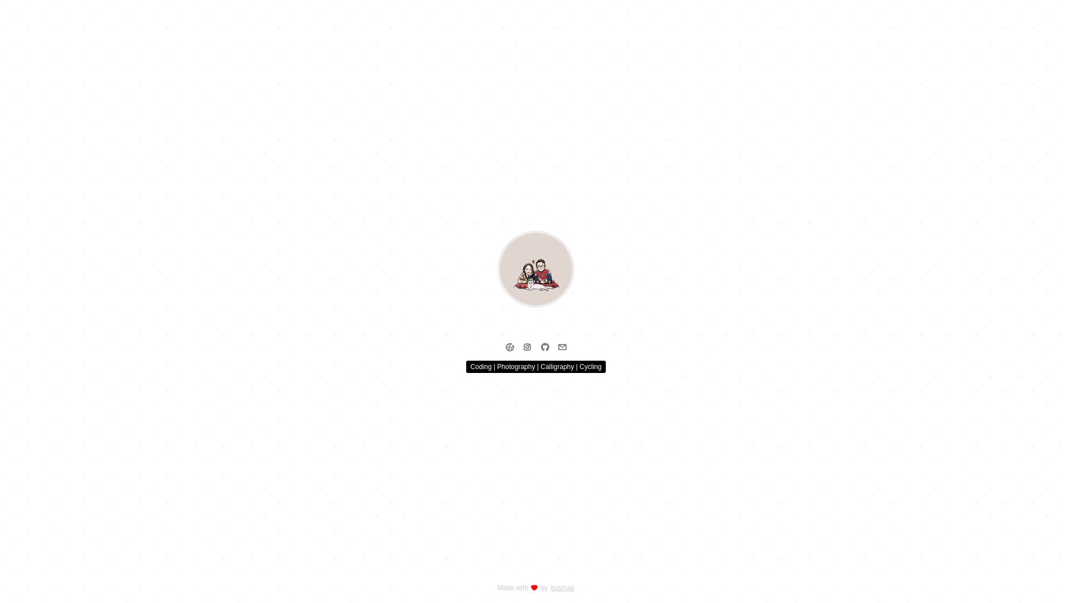 This screenshot has width=1072, height=603. I want to click on 'bushuai', so click(551, 587).